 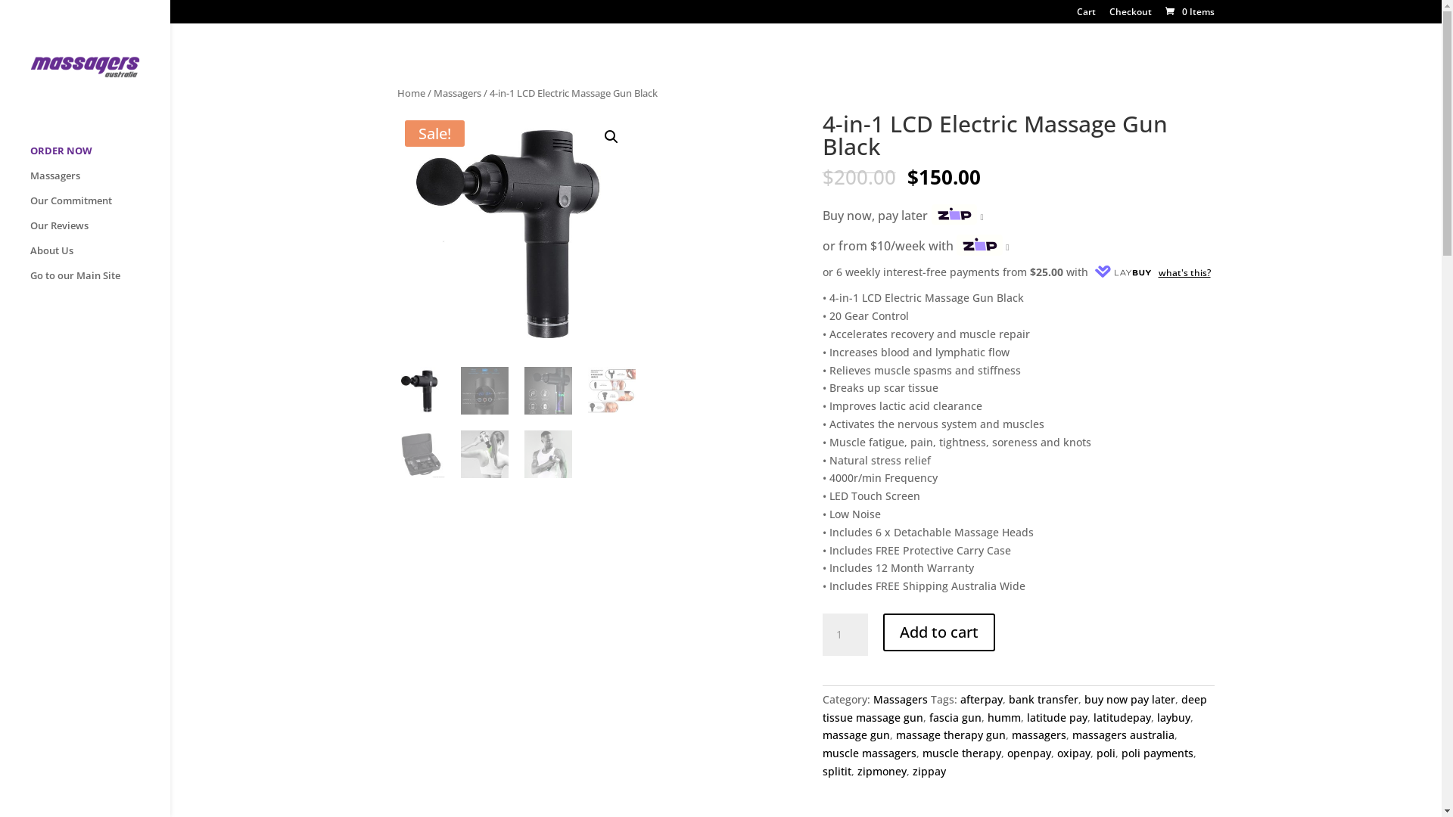 I want to click on 'About Us', so click(x=99, y=256).